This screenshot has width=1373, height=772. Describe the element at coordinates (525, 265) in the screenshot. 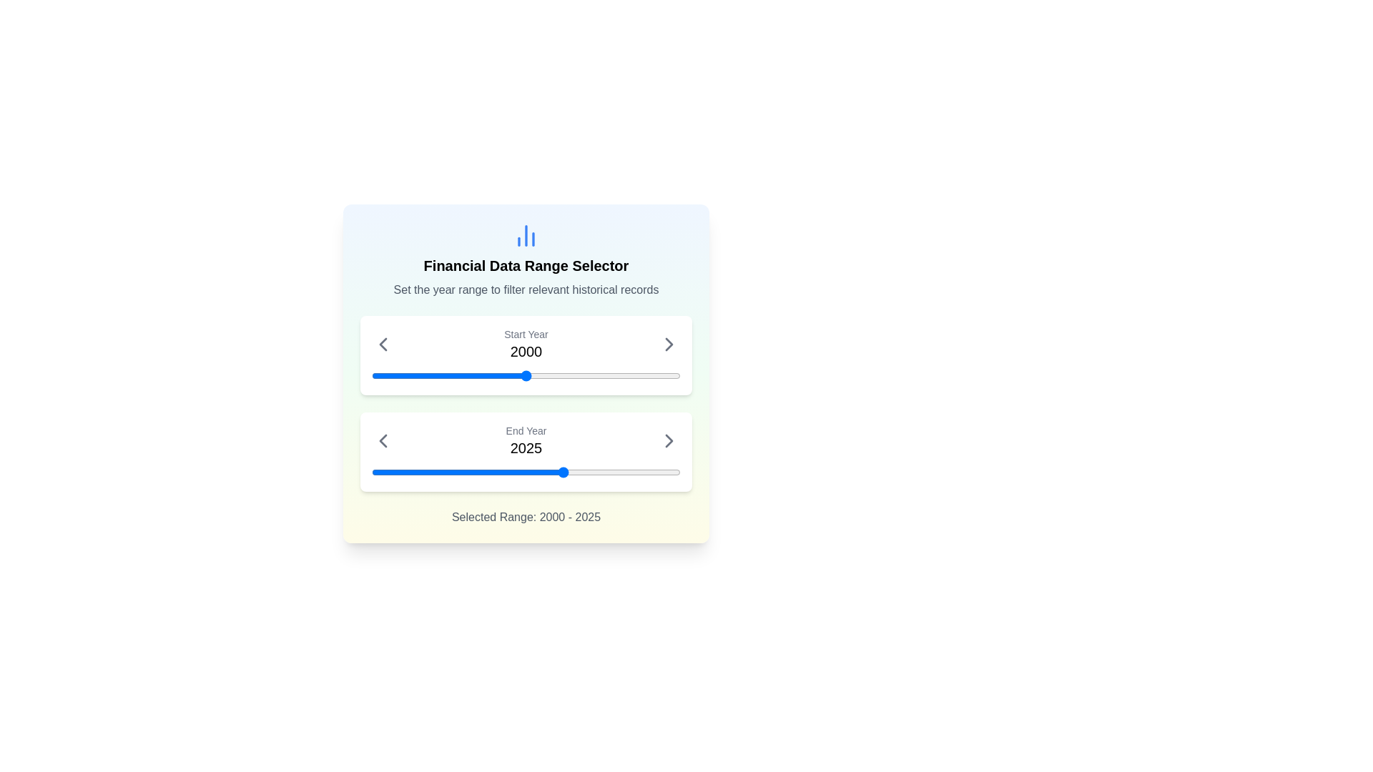

I see `the static text element that serves as the title for the section, located above the descriptive text 'Set the year range to filter relevant historical records'` at that location.